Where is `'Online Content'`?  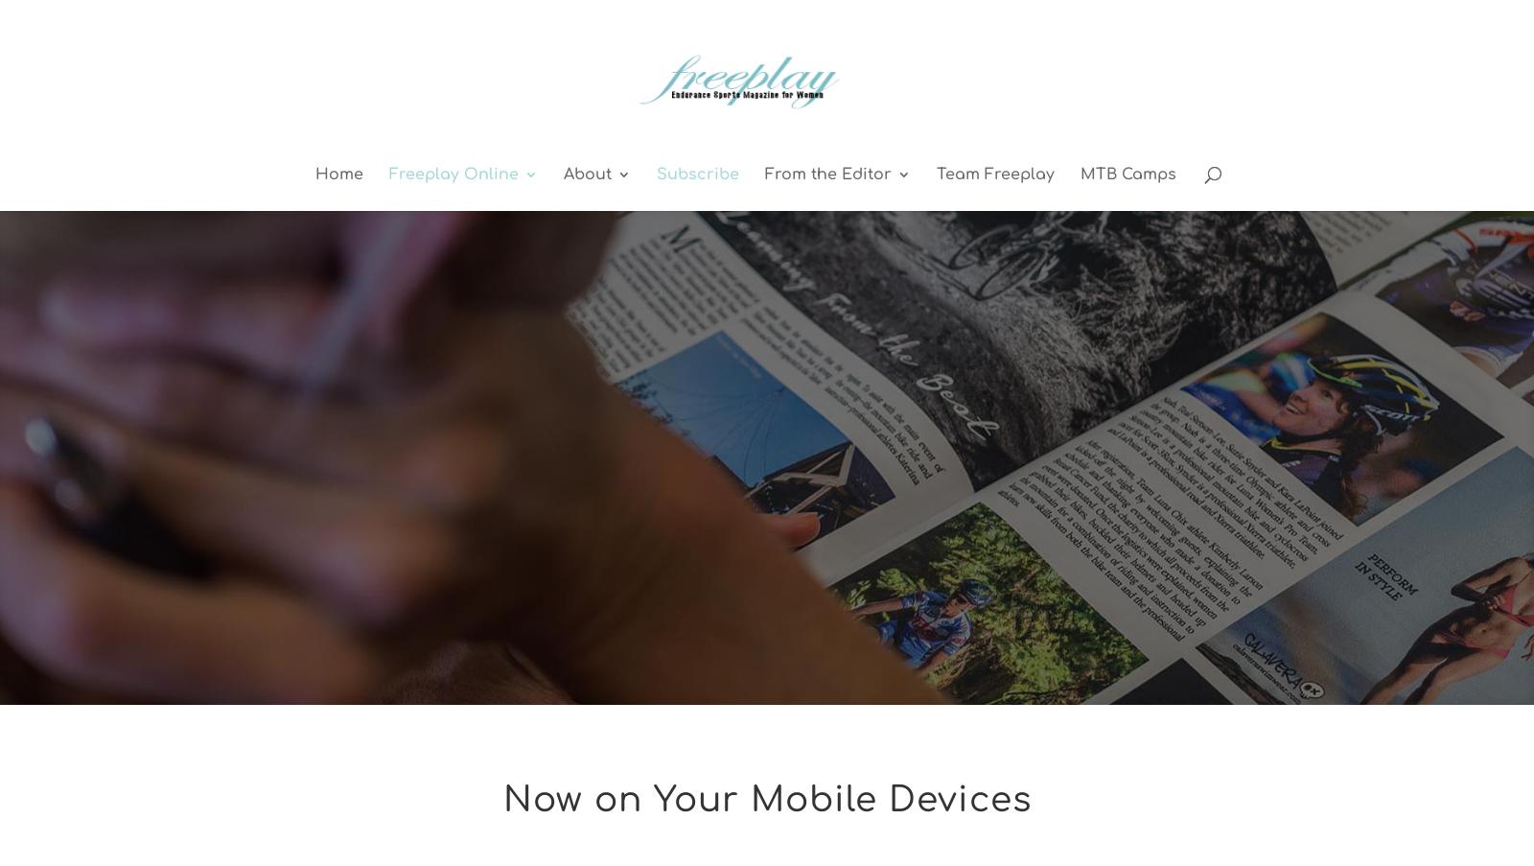
'Online Content' is located at coordinates (486, 251).